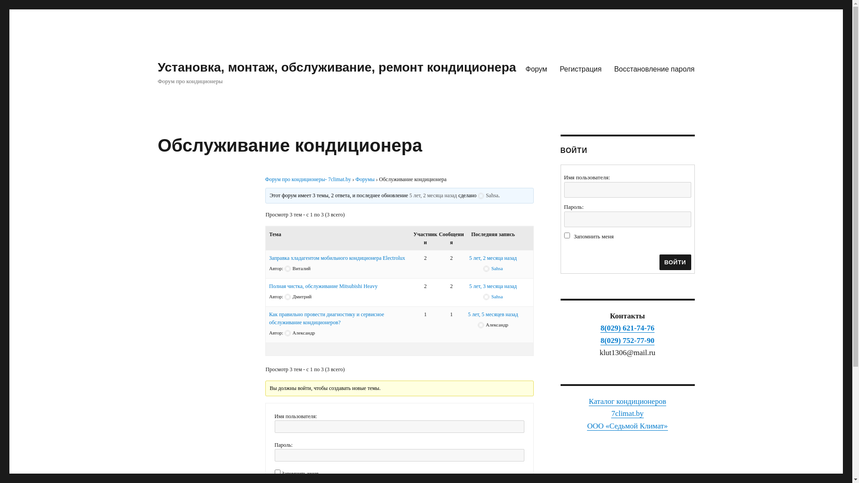  What do you see at coordinates (487, 195) in the screenshot?
I see `'Sahsa'` at bounding box center [487, 195].